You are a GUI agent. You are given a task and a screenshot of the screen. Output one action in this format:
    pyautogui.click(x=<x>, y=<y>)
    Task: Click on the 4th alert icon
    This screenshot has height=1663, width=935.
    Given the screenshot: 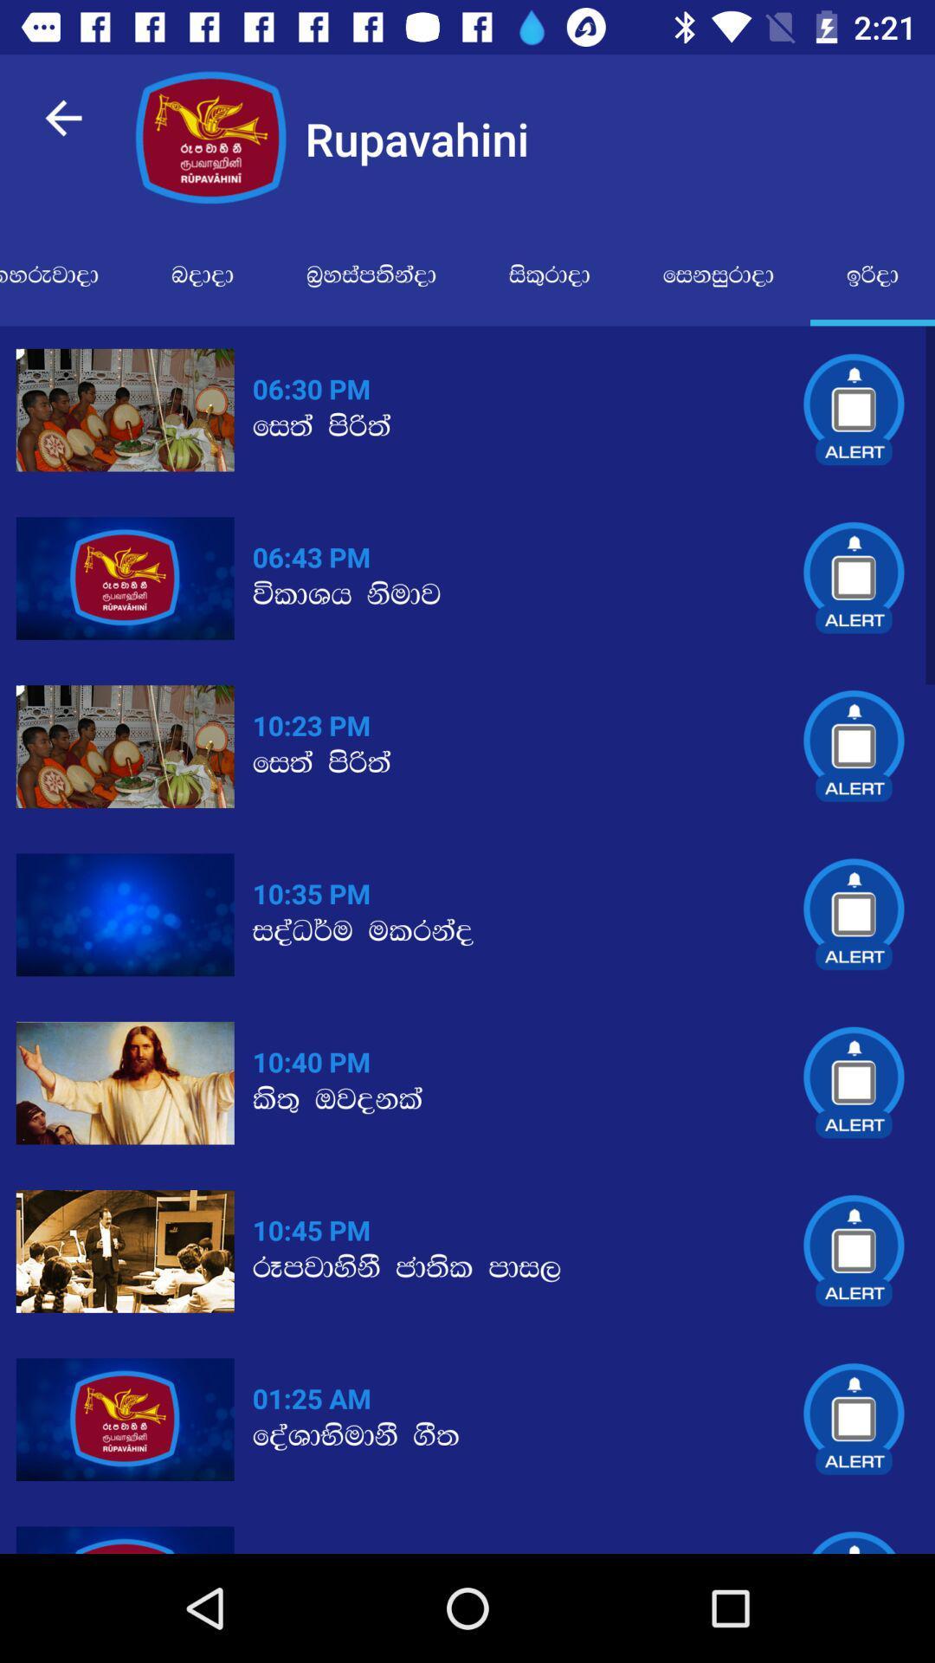 What is the action you would take?
    pyautogui.click(x=854, y=914)
    